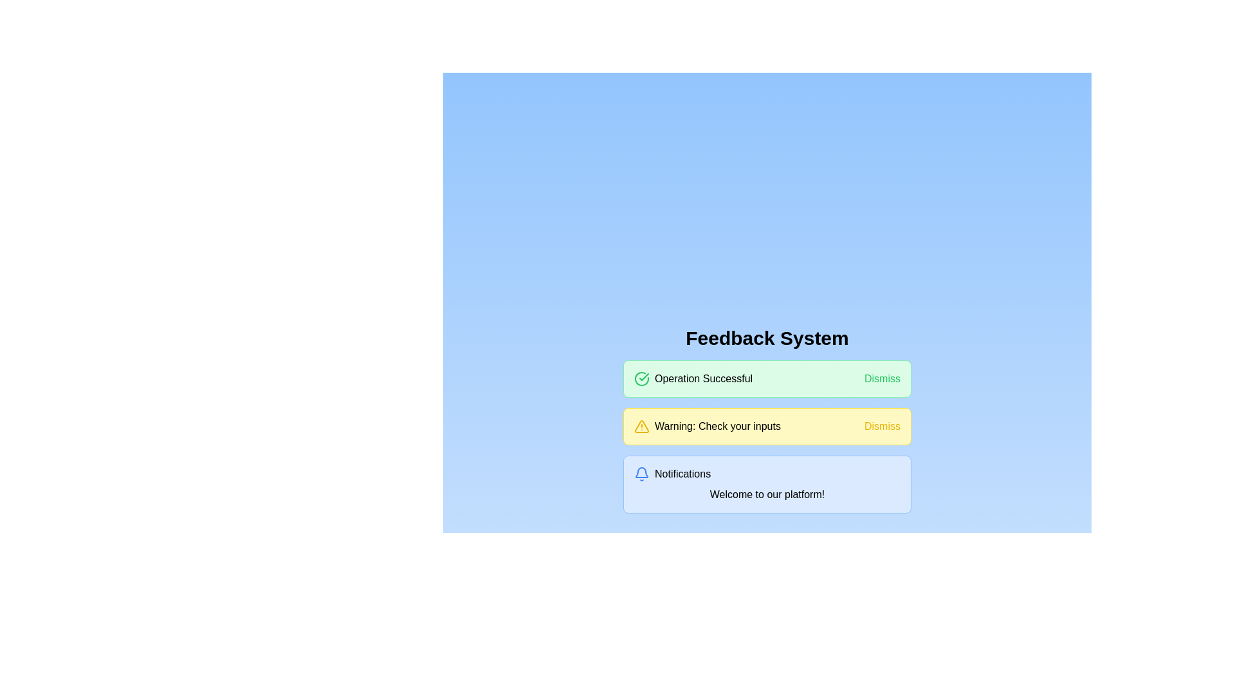  What do you see at coordinates (717, 427) in the screenshot?
I see `the static text label displaying 'Warning: Check your inputs', which is styled in bold black font within a yellow notification banner, to possibly view additional details` at bounding box center [717, 427].